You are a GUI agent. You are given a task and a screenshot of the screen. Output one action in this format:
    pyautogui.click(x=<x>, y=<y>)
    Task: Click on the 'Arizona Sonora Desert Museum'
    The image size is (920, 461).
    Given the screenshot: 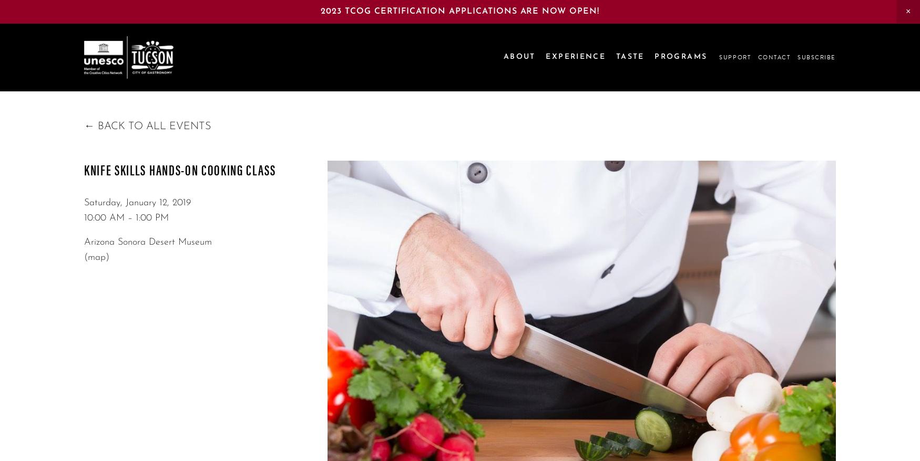 What is the action you would take?
    pyautogui.click(x=147, y=241)
    